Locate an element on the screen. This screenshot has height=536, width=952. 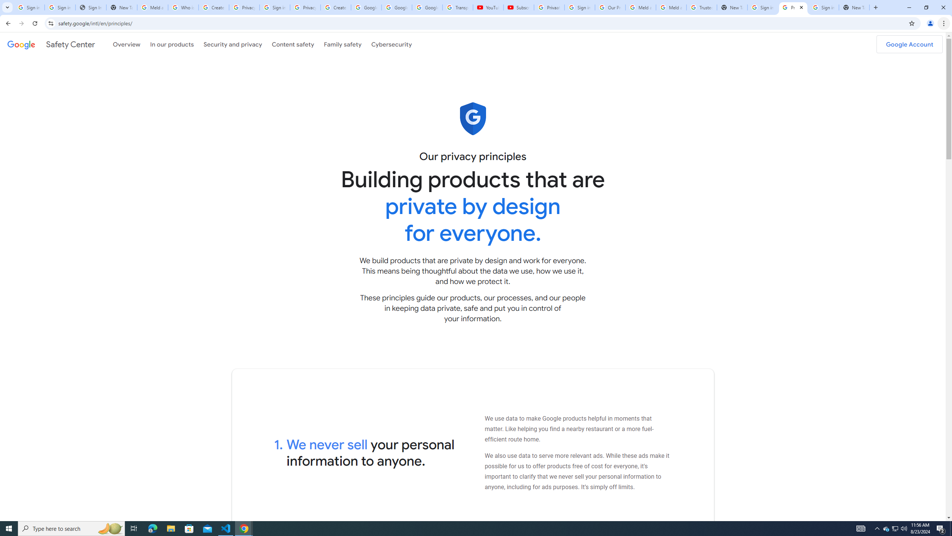
'Cybersecurity' is located at coordinates (391, 44).